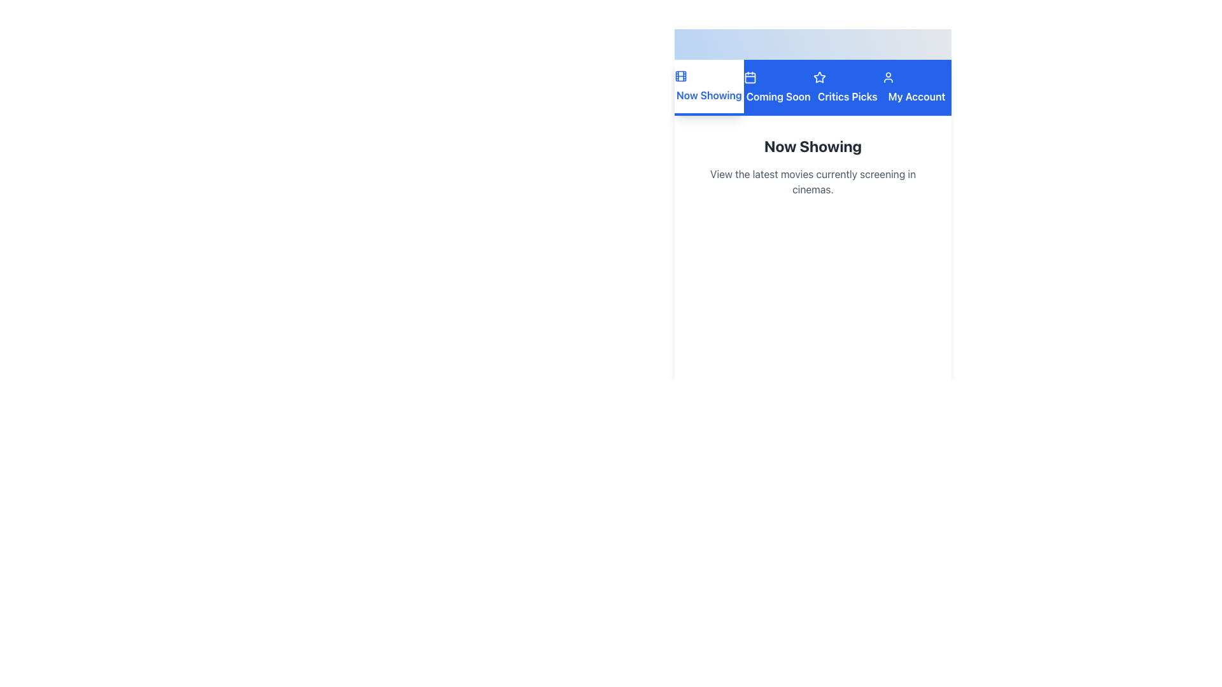 This screenshot has width=1222, height=687. Describe the element at coordinates (916, 95) in the screenshot. I see `the text label in the far right corner of the navigation bar, which may function as a button for account-related features, located next to a user profile icon` at that location.